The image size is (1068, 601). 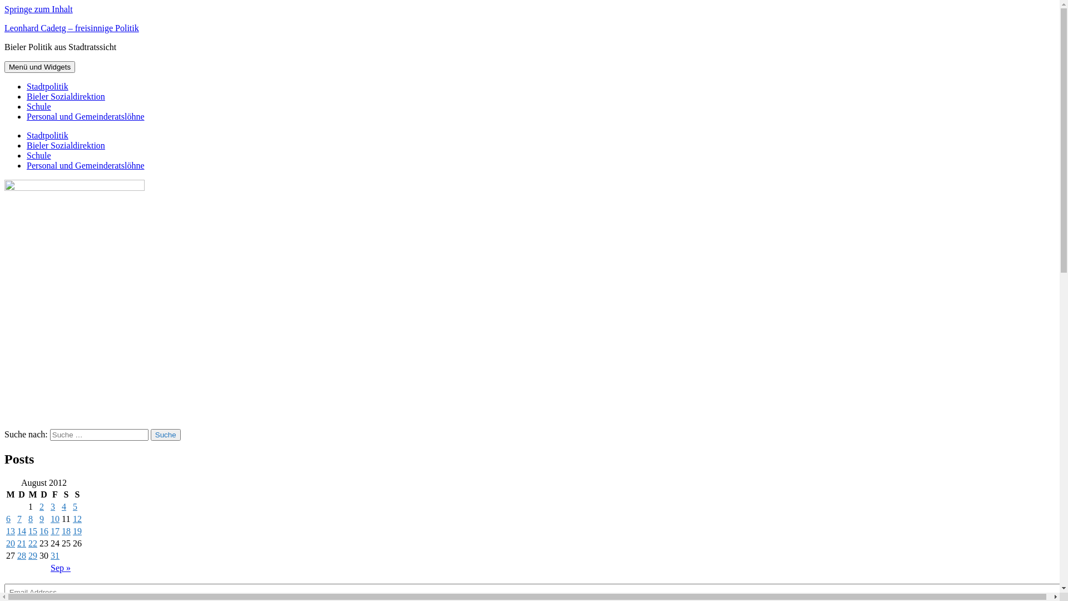 What do you see at coordinates (27, 145) in the screenshot?
I see `'Bieler Sozialdirektion'` at bounding box center [27, 145].